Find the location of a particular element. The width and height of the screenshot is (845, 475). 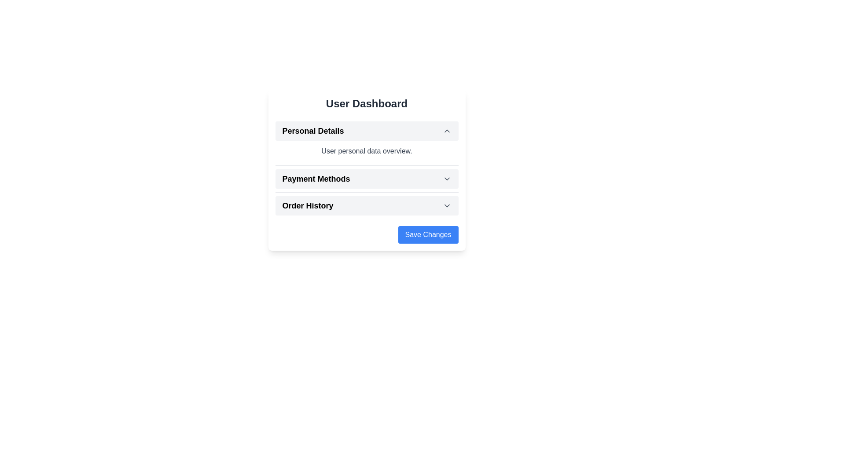

the 'Order History' text label located in the third section of the vertical list within the user dashboard is located at coordinates (308, 205).